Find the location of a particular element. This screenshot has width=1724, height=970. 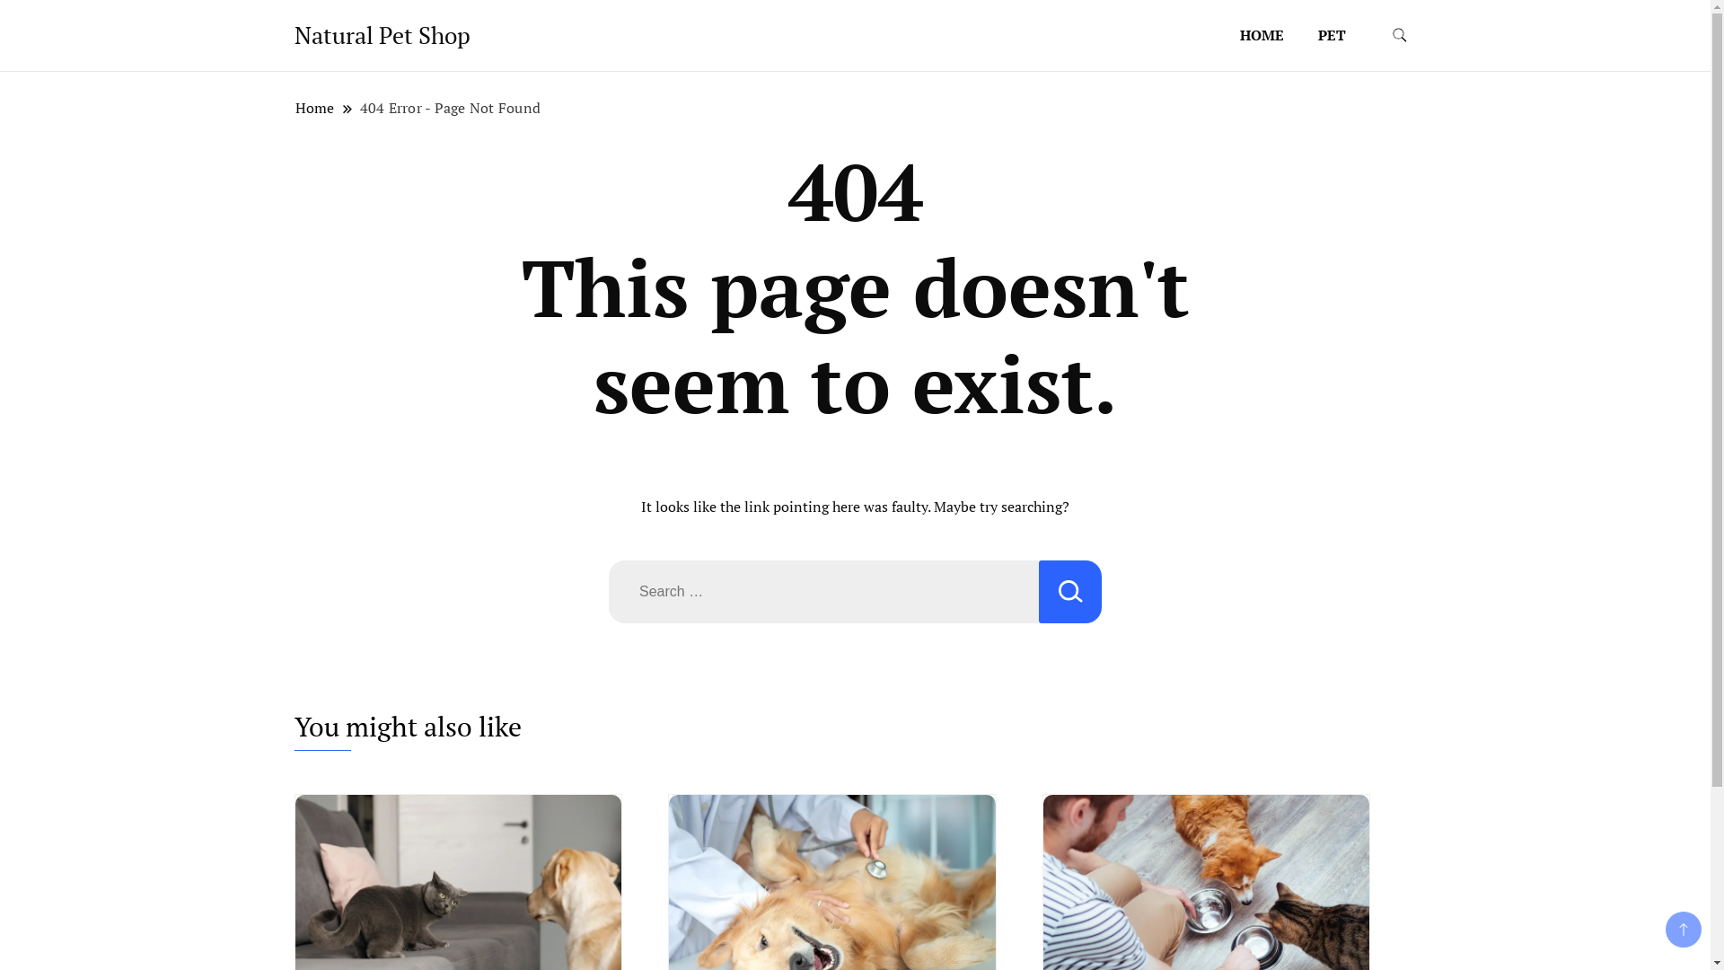

'Search' is located at coordinates (1069, 592).